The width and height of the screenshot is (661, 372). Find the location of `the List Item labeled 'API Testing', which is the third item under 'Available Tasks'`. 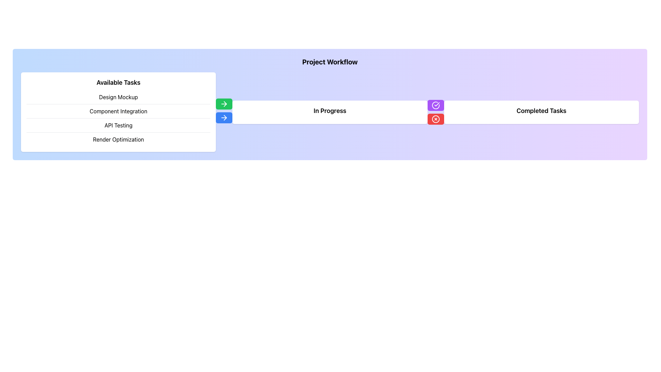

the List Item labeled 'API Testing', which is the third item under 'Available Tasks' is located at coordinates (118, 125).